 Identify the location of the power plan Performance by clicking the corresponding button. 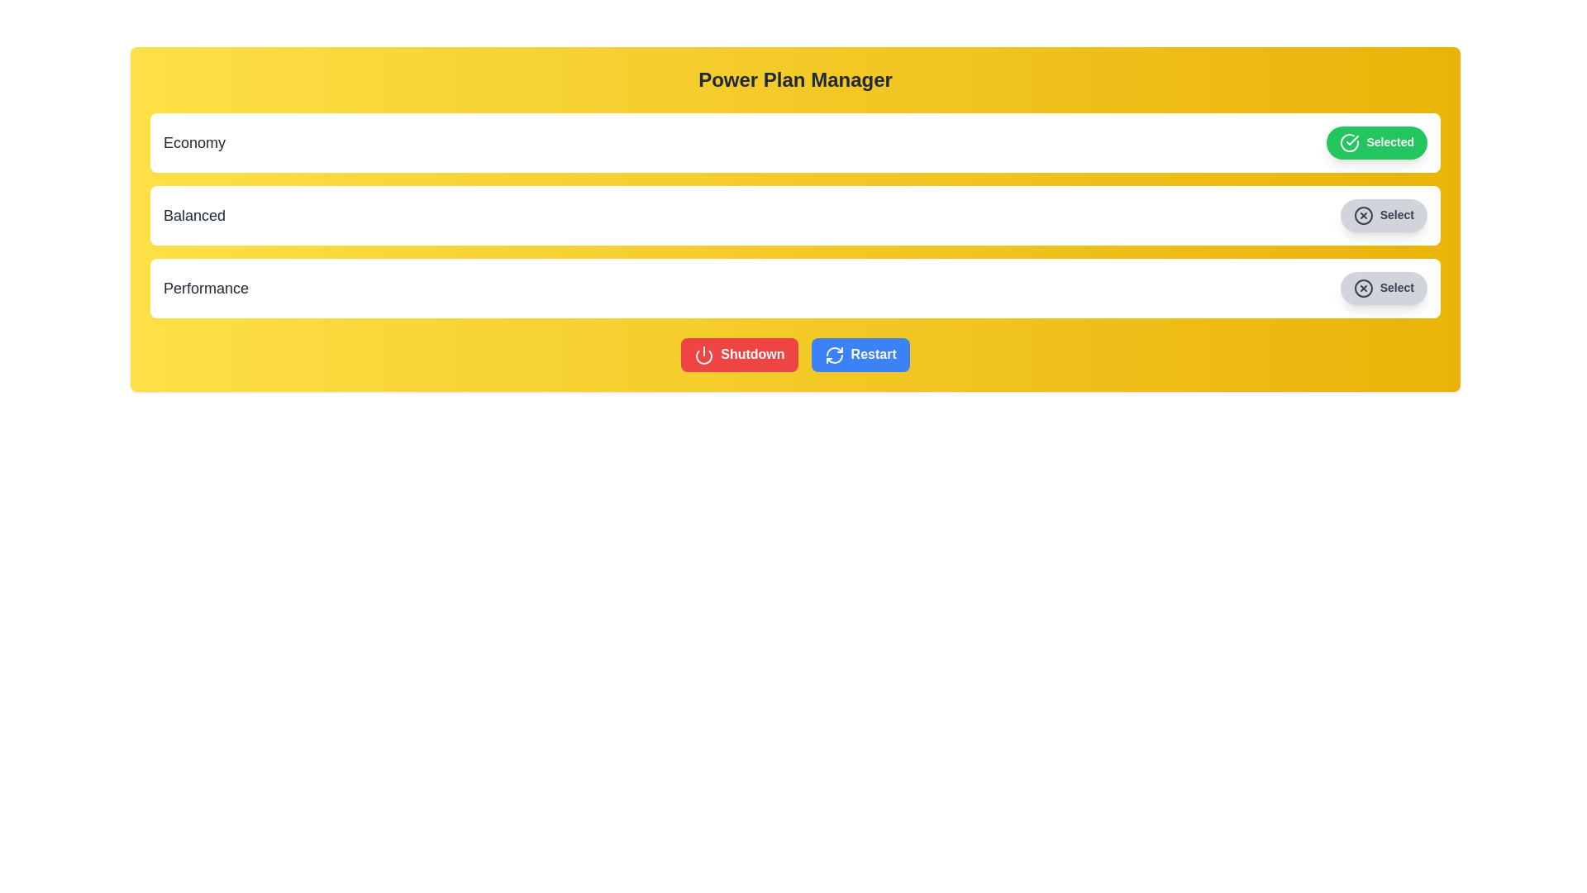
(1384, 287).